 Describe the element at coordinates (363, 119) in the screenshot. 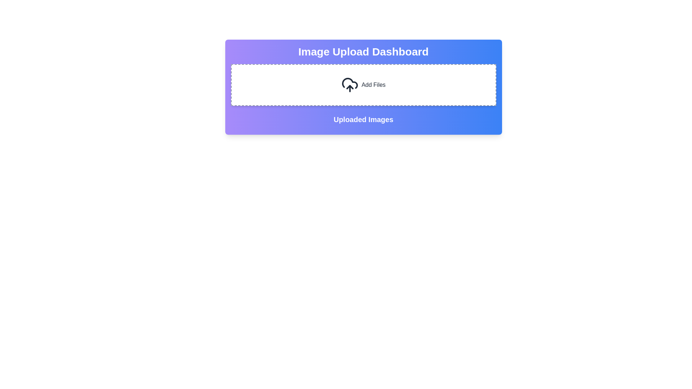

I see `the header text element that reads 'Uploaded Images', which is displayed in bold, extra-large white font on a gradient background, located at the center of the section and below the 'Add Files' section` at that location.